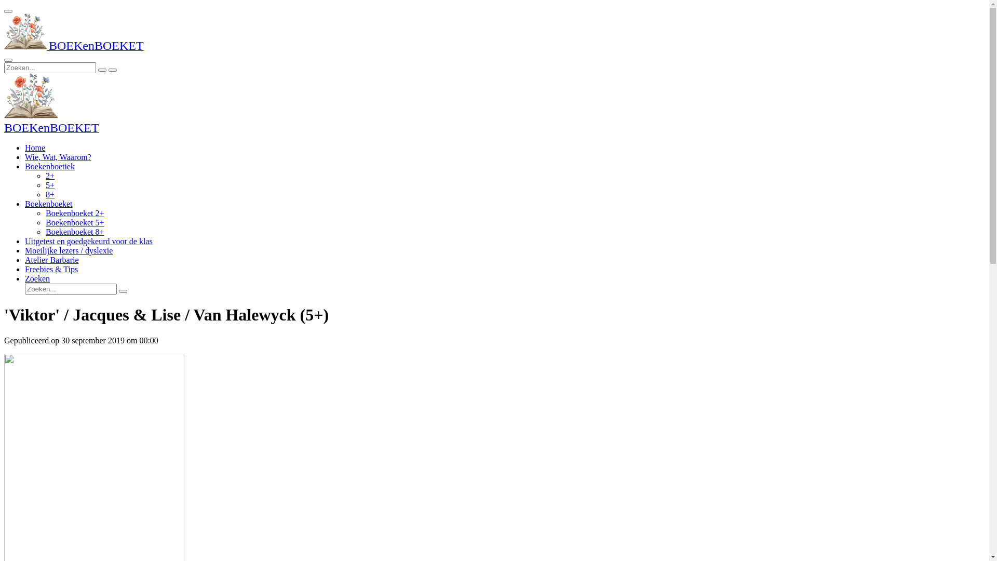 This screenshot has width=997, height=561. I want to click on '5+', so click(49, 184).